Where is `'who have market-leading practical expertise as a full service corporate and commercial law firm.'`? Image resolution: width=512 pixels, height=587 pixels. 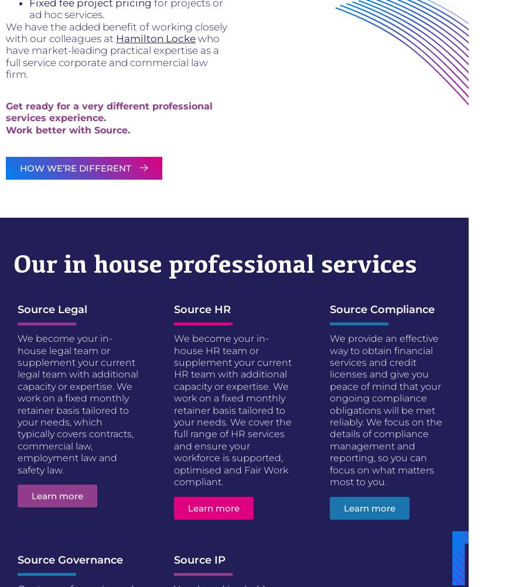 'who have market-leading practical expertise as a full service corporate and commercial law firm.' is located at coordinates (112, 56).